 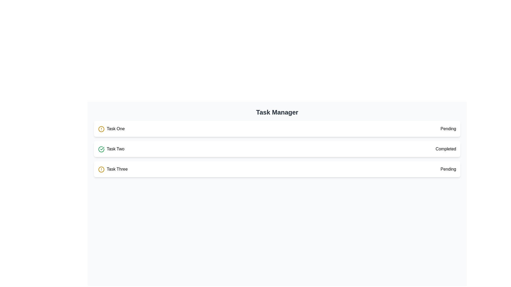 What do you see at coordinates (101, 169) in the screenshot?
I see `the circular SVG graphic element that is part of the icon next to the 'Task Three' text` at bounding box center [101, 169].